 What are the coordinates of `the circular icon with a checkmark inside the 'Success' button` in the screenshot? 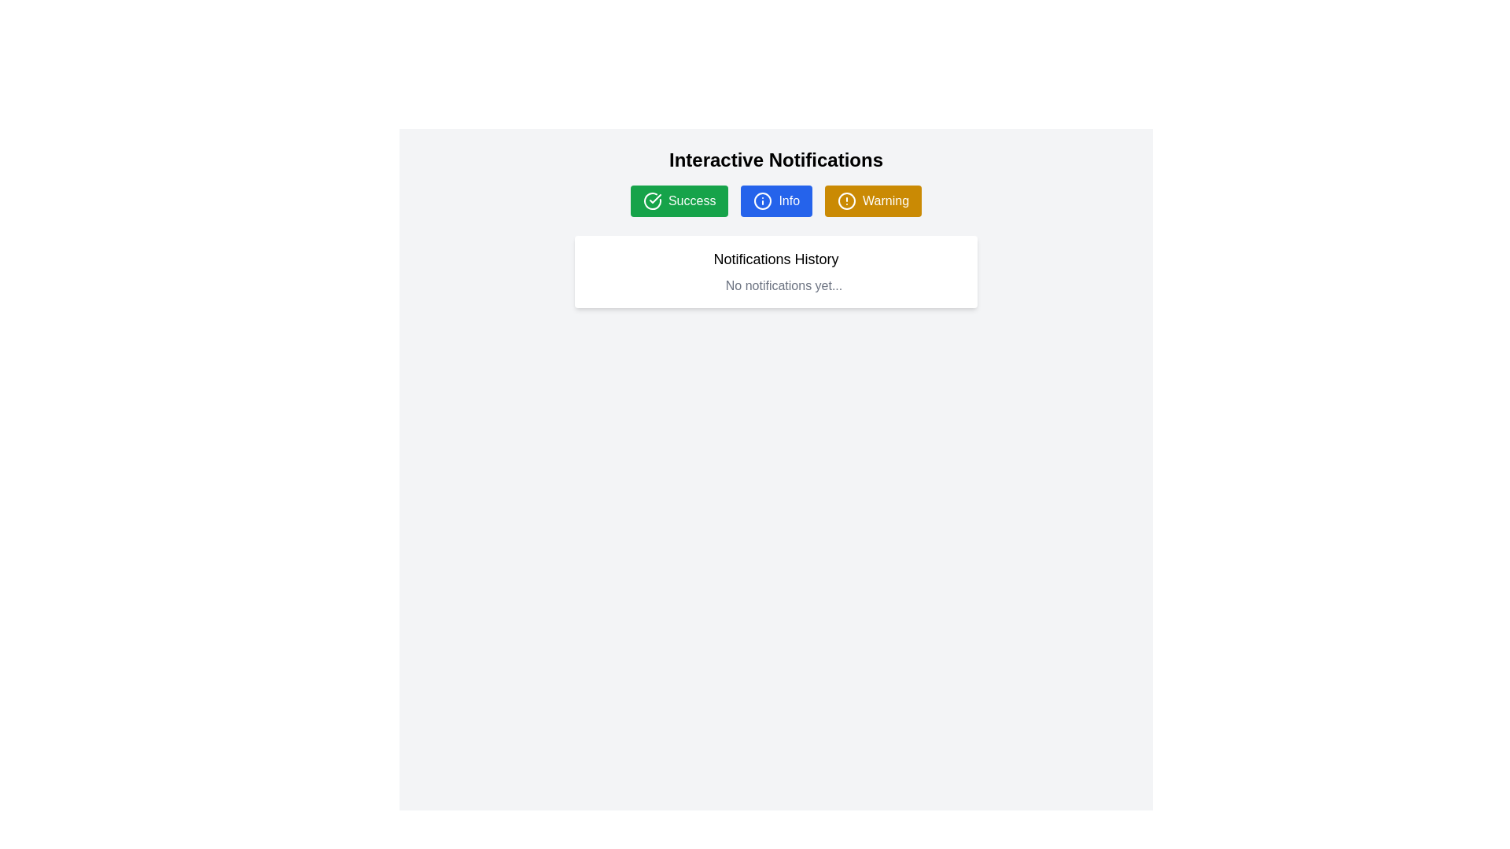 It's located at (652, 200).